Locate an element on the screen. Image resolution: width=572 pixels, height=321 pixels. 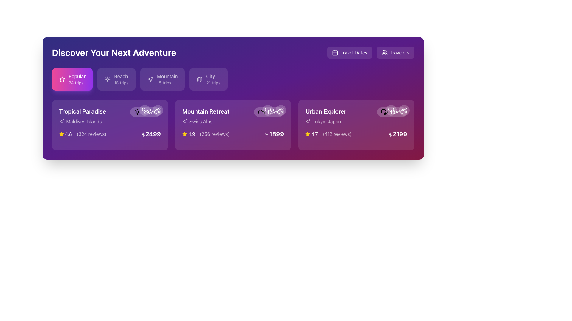
the button with a purple background, labeled 'Travelers', featuring an icon of two people is located at coordinates (395, 52).